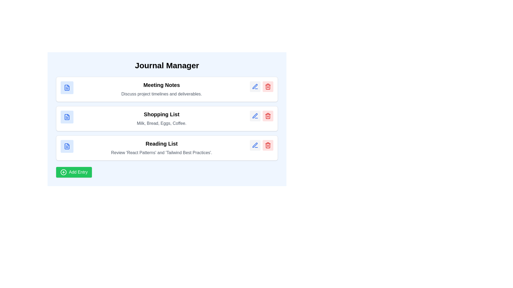 The height and width of the screenshot is (288, 513). I want to click on the red trash can icon button located in the third item of the Reading List, so click(268, 145).